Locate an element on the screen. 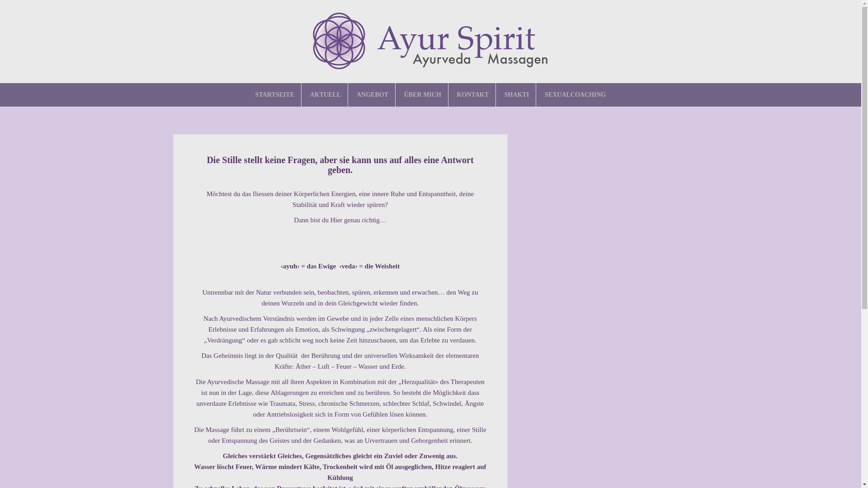 This screenshot has width=868, height=488. 'SEXUALCOACHING' is located at coordinates (575, 94).